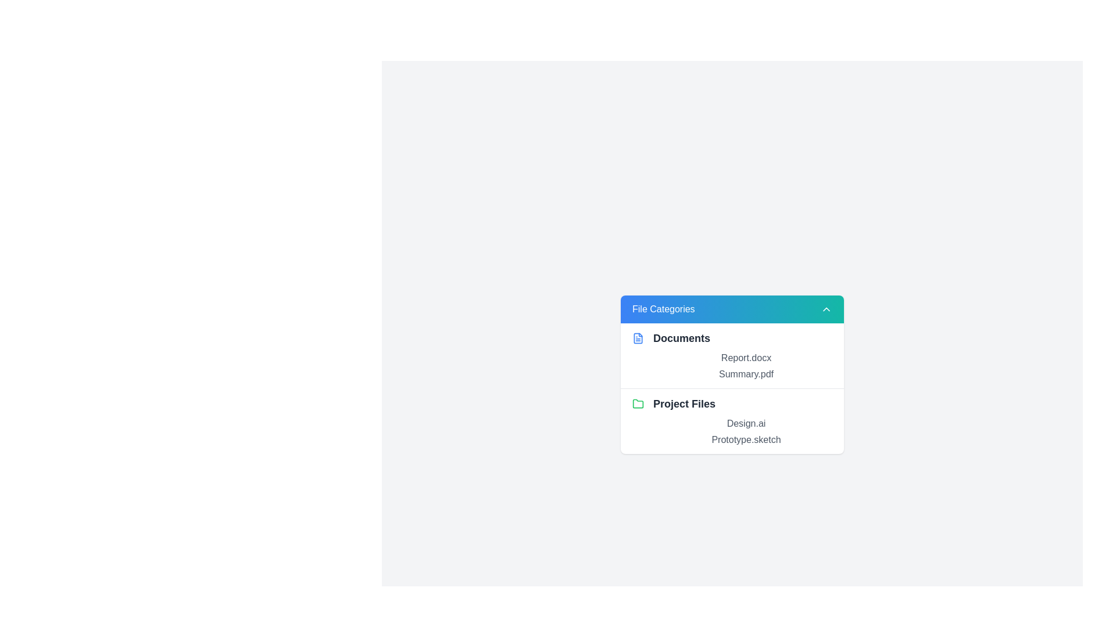 The width and height of the screenshot is (1116, 627). What do you see at coordinates (746, 357) in the screenshot?
I see `the text link 'Report.docx', which is the first file entry under the 'Documents' section, positioned above 'Summary.pdf'` at bounding box center [746, 357].